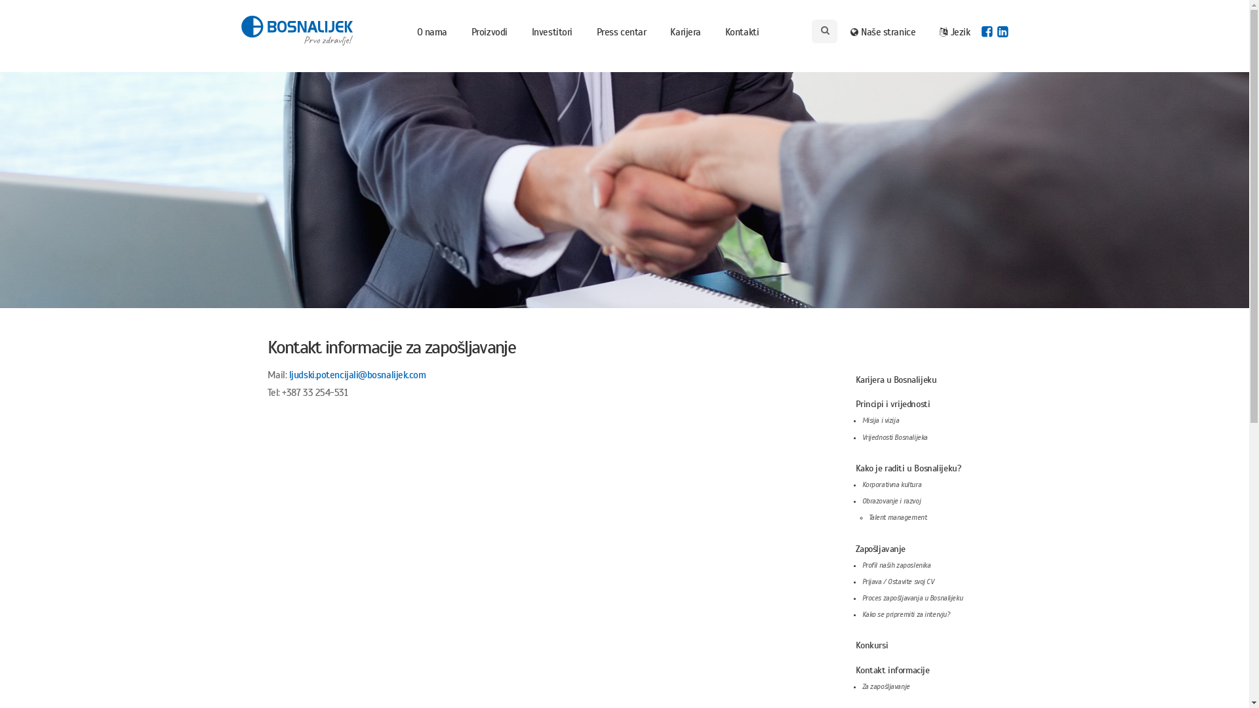 The image size is (1259, 708). Describe the element at coordinates (891, 484) in the screenshot. I see `'Korporativna kultura'` at that location.